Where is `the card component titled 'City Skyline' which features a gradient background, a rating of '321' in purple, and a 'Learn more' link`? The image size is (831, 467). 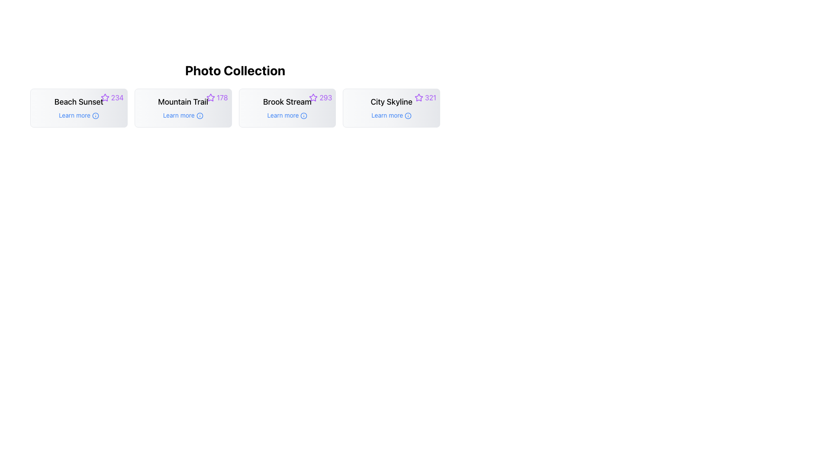 the card component titled 'City Skyline' which features a gradient background, a rating of '321' in purple, and a 'Learn more' link is located at coordinates (391, 108).